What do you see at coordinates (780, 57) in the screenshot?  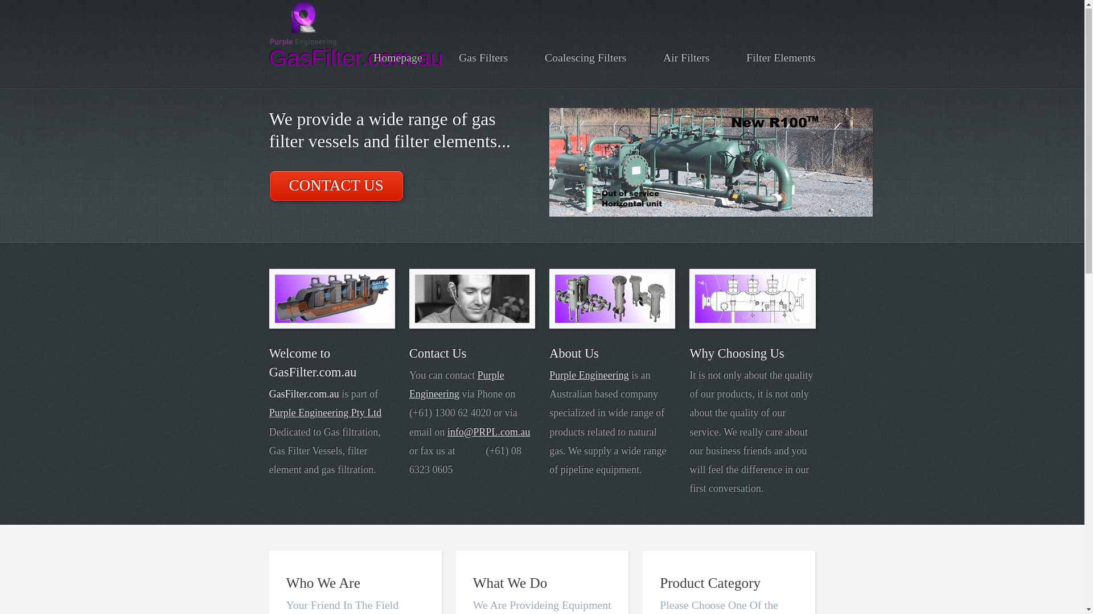 I see `'Filter Elements'` at bounding box center [780, 57].